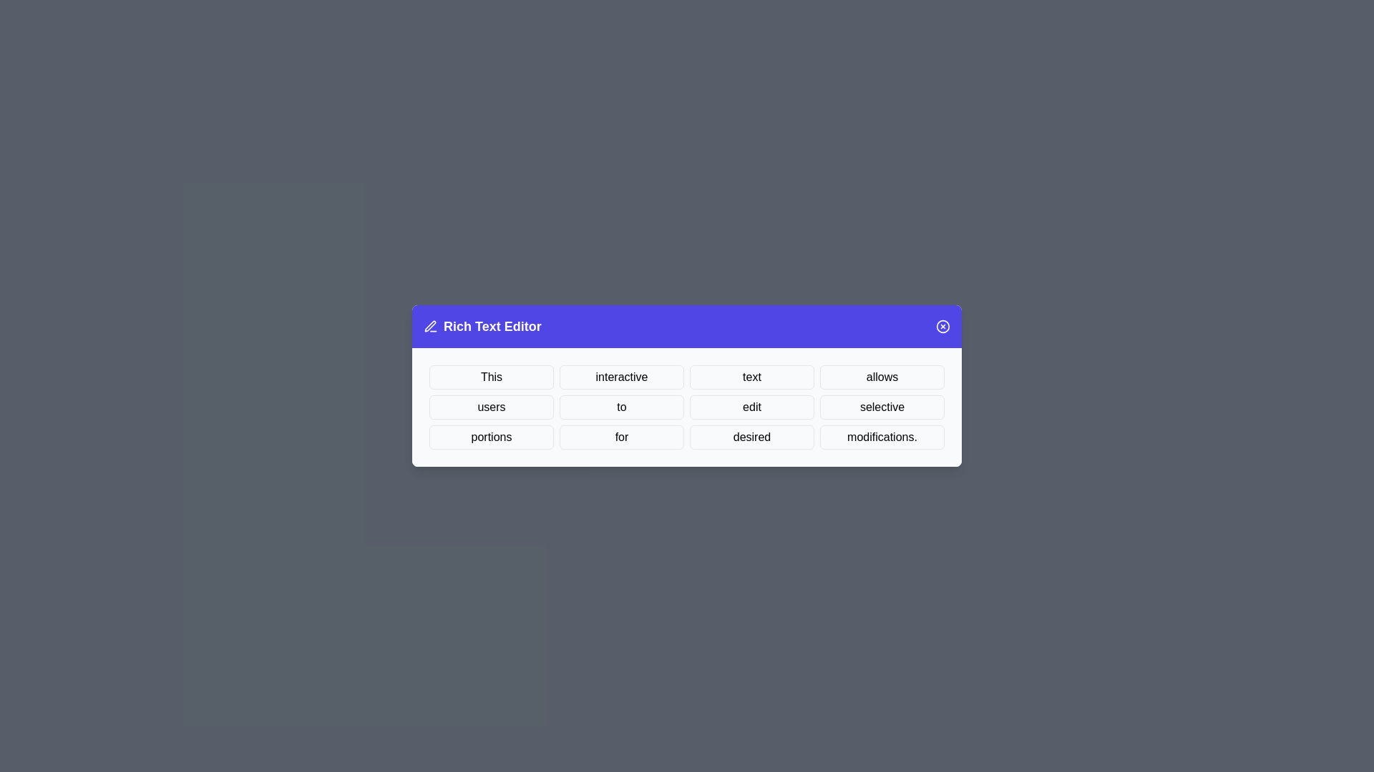  What do you see at coordinates (943, 326) in the screenshot?
I see `the close button to close the dialog` at bounding box center [943, 326].